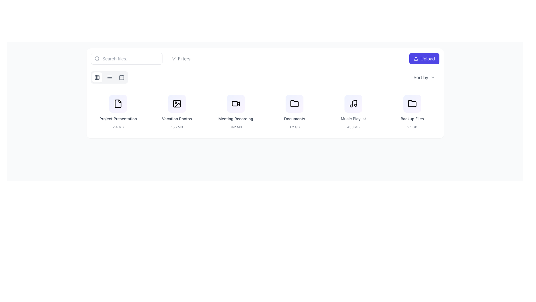 The image size is (536, 302). Describe the element at coordinates (294, 103) in the screenshot. I see `the folder icon within the fourth document card labeled 'Documents'` at that location.